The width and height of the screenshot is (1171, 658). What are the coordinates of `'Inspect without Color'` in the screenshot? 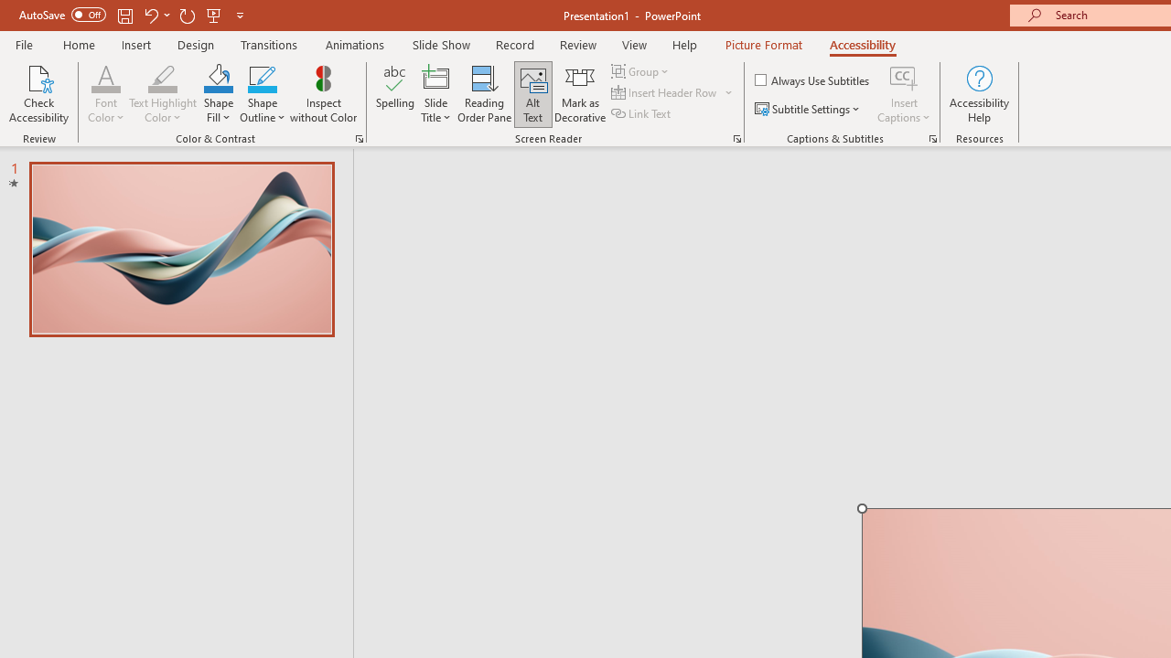 It's located at (323, 94).